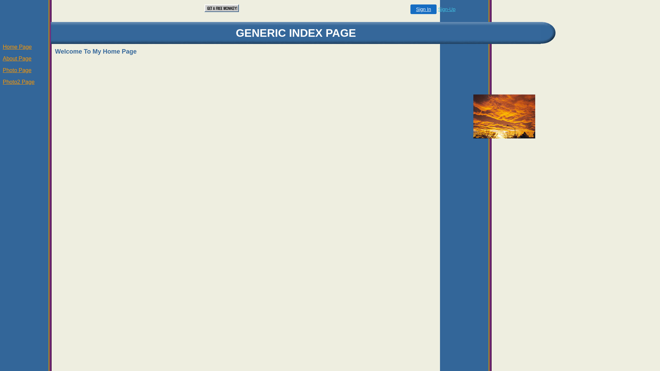  I want to click on 'About Page', so click(17, 58).